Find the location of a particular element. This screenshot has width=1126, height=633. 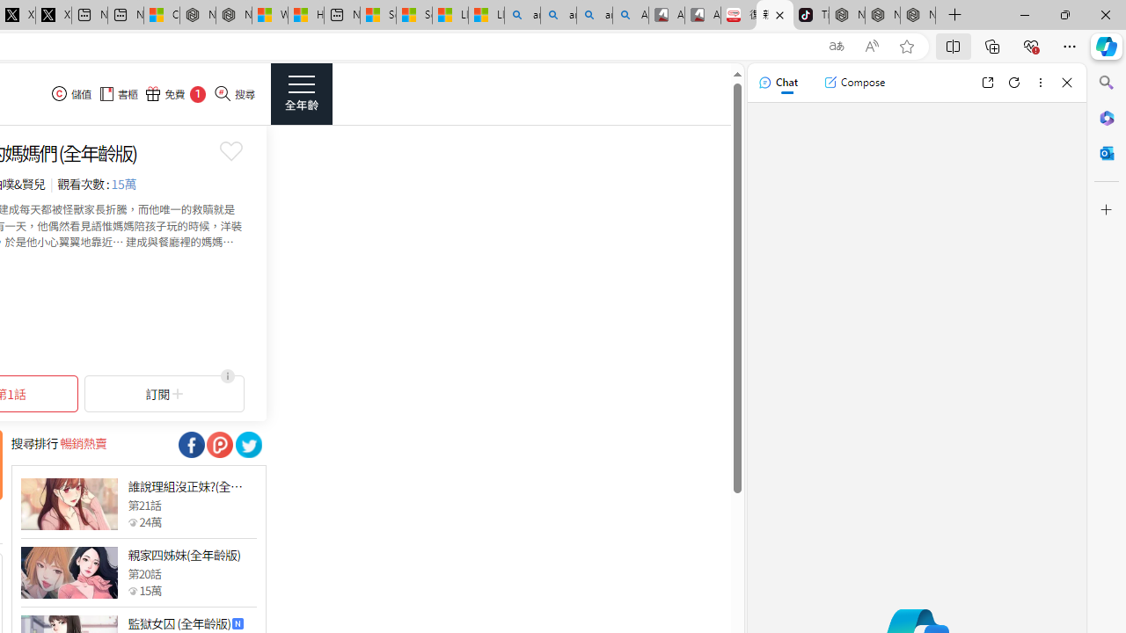

'Open link in new tab' is located at coordinates (987, 82).